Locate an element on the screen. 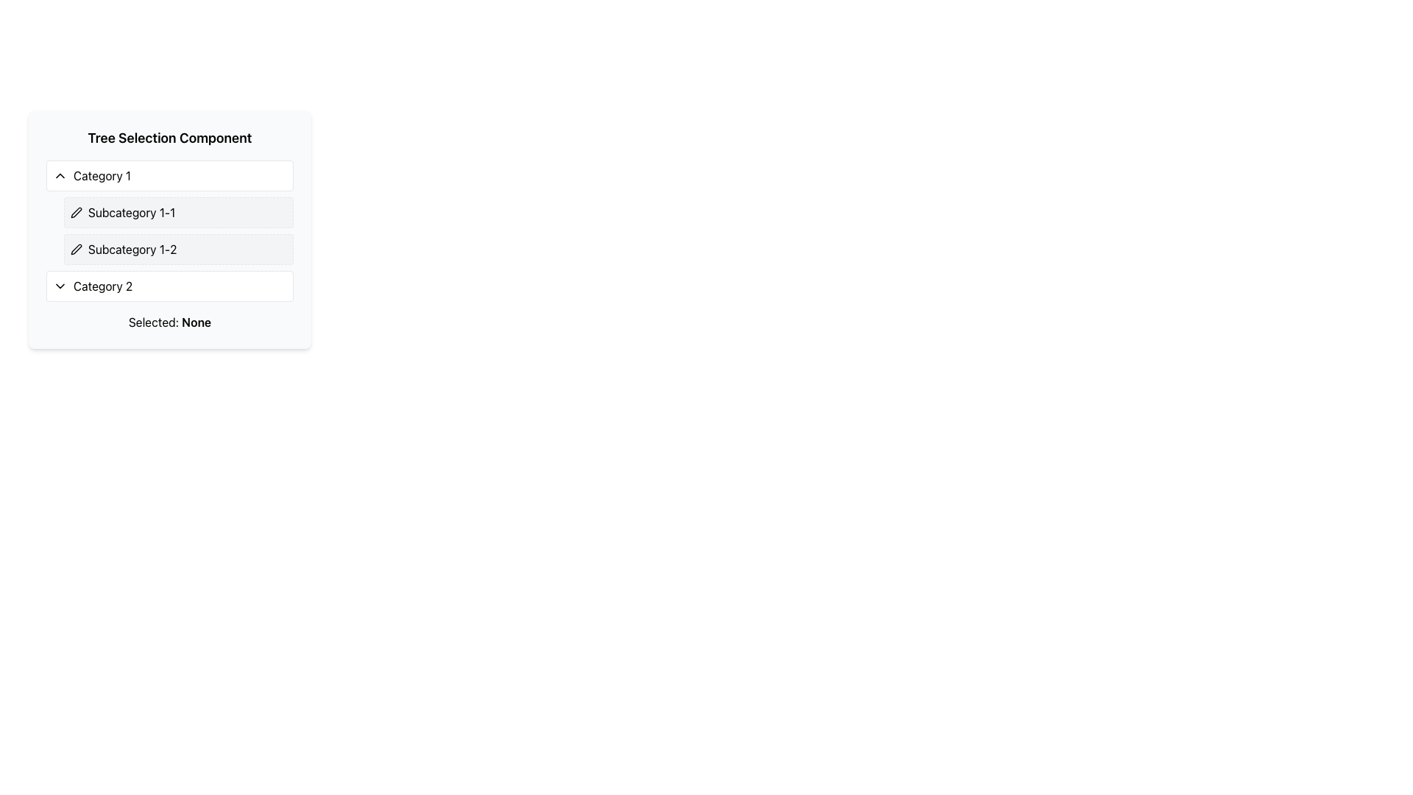 The image size is (1413, 795). the 'Category 2' text label in the tree selection component, which serves to identify this specific category in the navigation interface is located at coordinates (102, 286).